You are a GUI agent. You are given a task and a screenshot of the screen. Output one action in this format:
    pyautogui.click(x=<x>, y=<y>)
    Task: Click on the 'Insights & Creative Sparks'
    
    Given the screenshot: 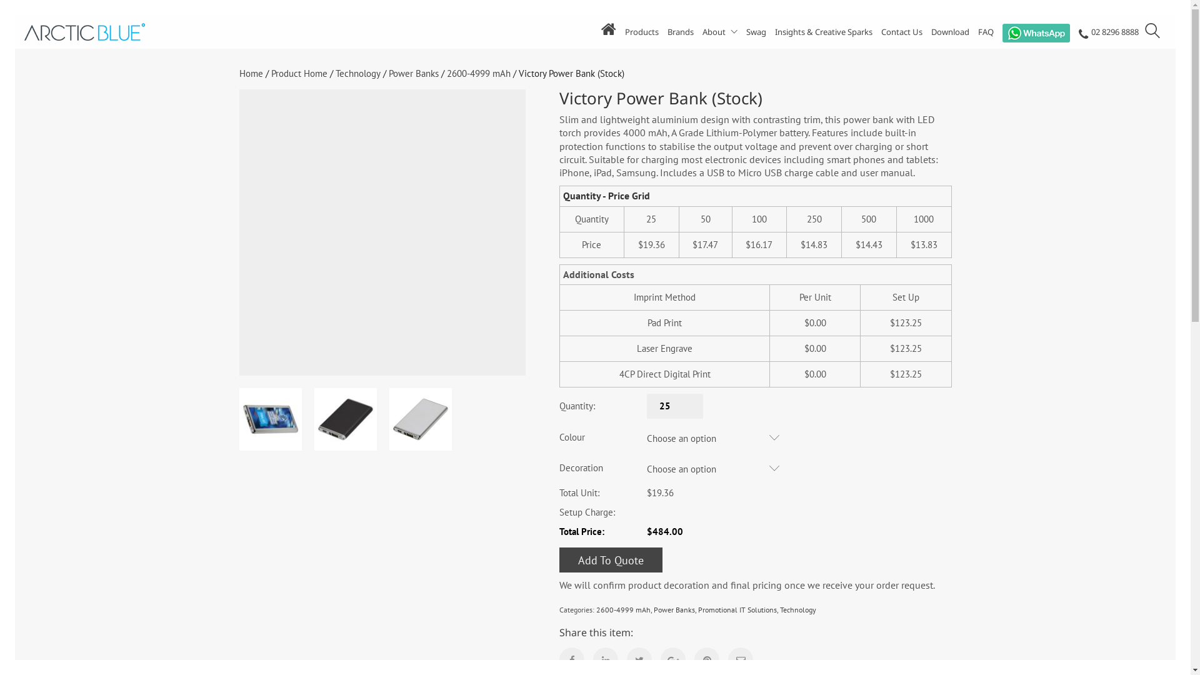 What is the action you would take?
    pyautogui.click(x=824, y=31)
    